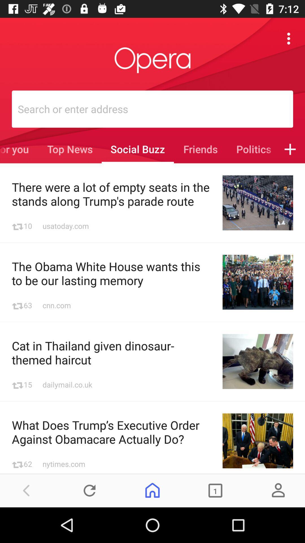 The image size is (305, 543). What do you see at coordinates (290, 149) in the screenshot?
I see `the add icon` at bounding box center [290, 149].